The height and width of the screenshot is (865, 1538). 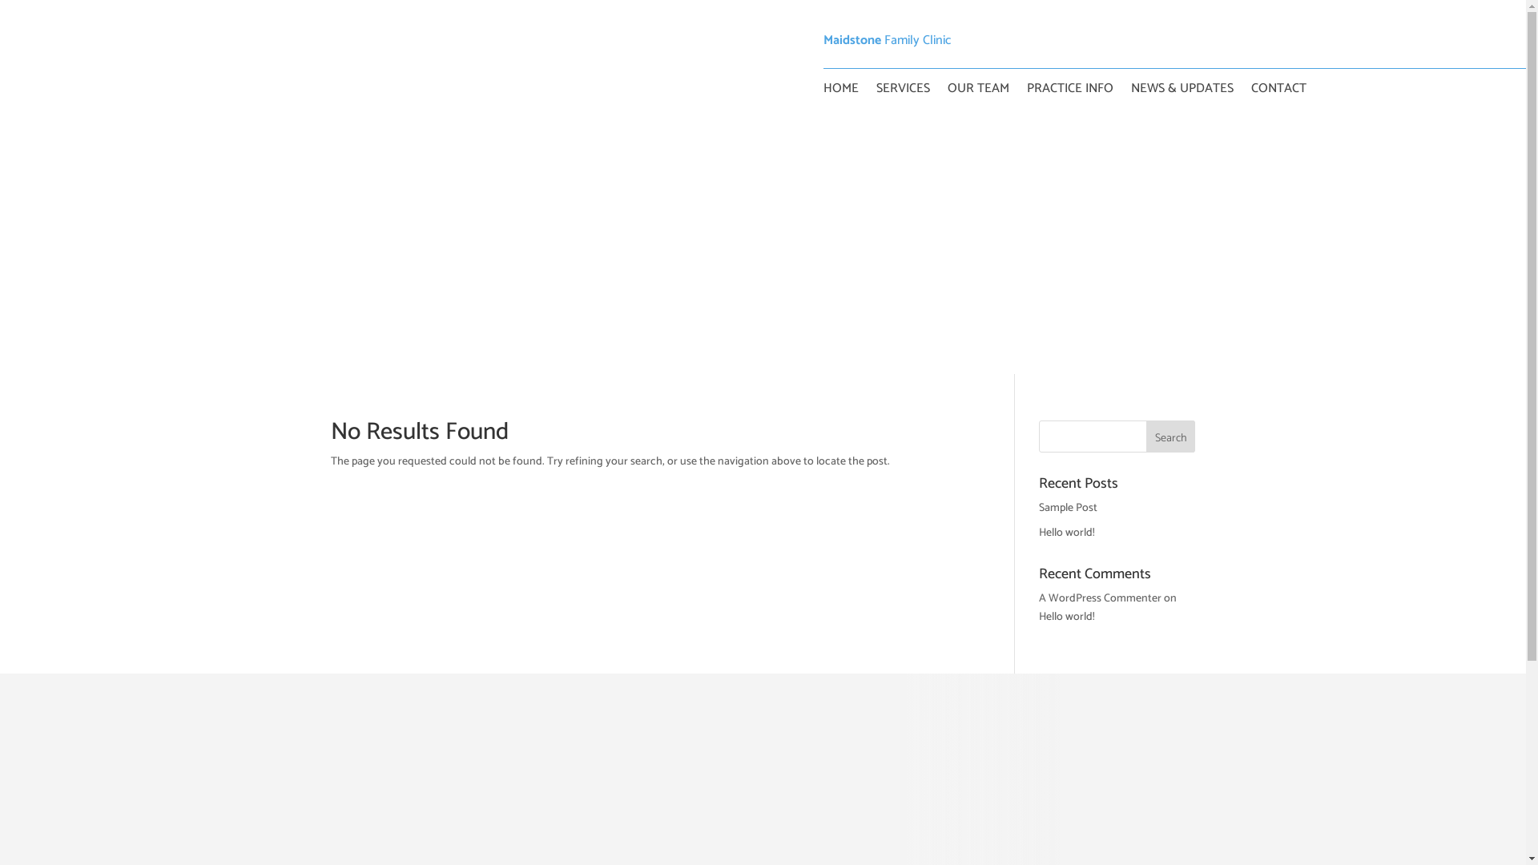 What do you see at coordinates (1182, 92) in the screenshot?
I see `'NEWS & UPDATES'` at bounding box center [1182, 92].